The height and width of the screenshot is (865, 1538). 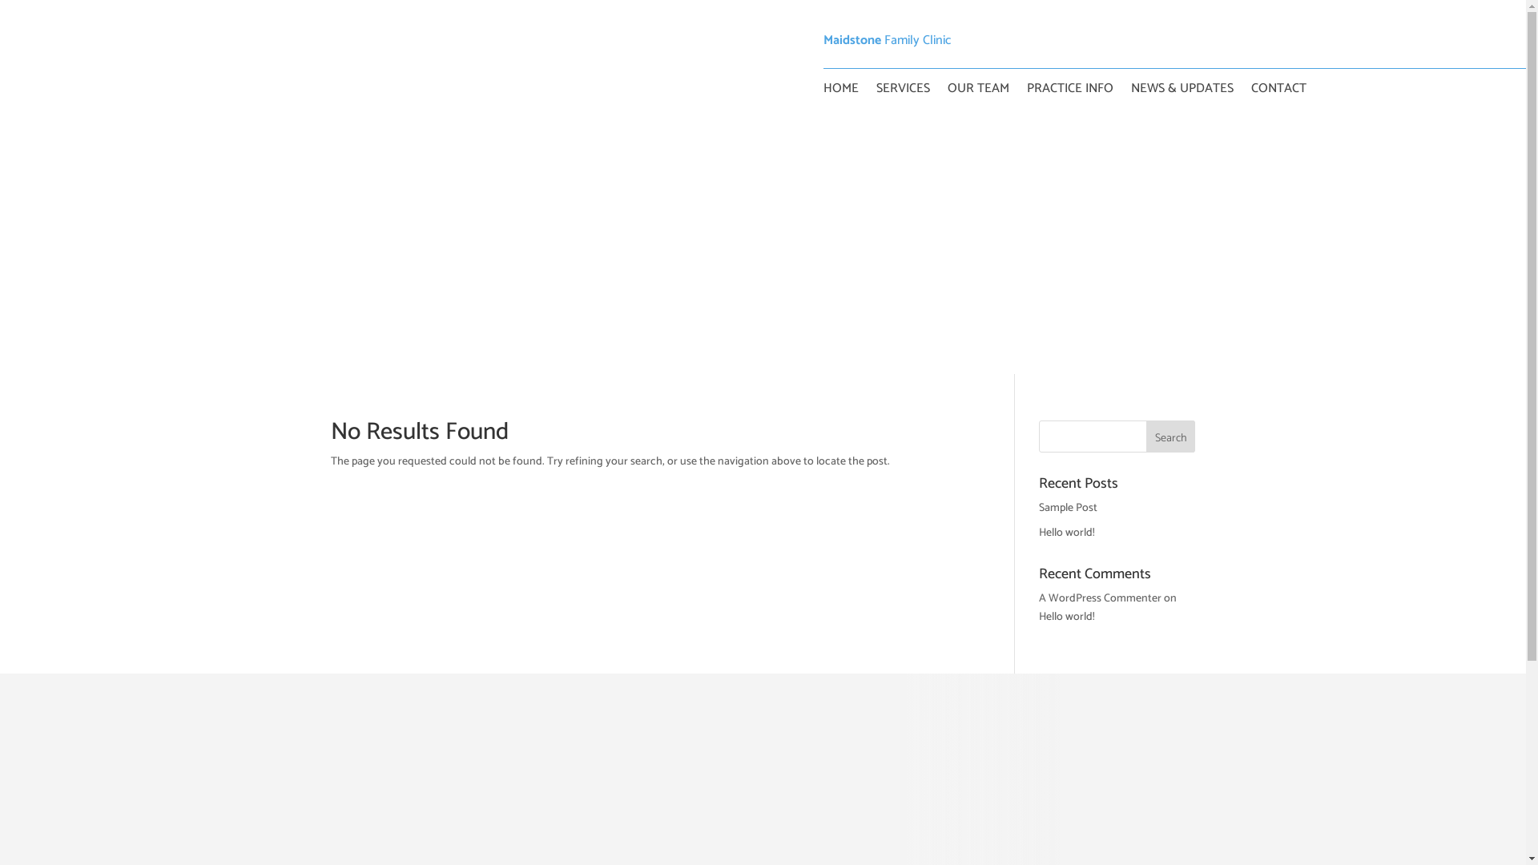 What do you see at coordinates (1182, 92) in the screenshot?
I see `'NEWS & UPDATES'` at bounding box center [1182, 92].